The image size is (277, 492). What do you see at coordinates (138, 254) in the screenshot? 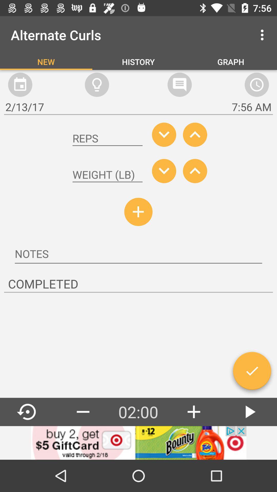
I see `enter the notes` at bounding box center [138, 254].